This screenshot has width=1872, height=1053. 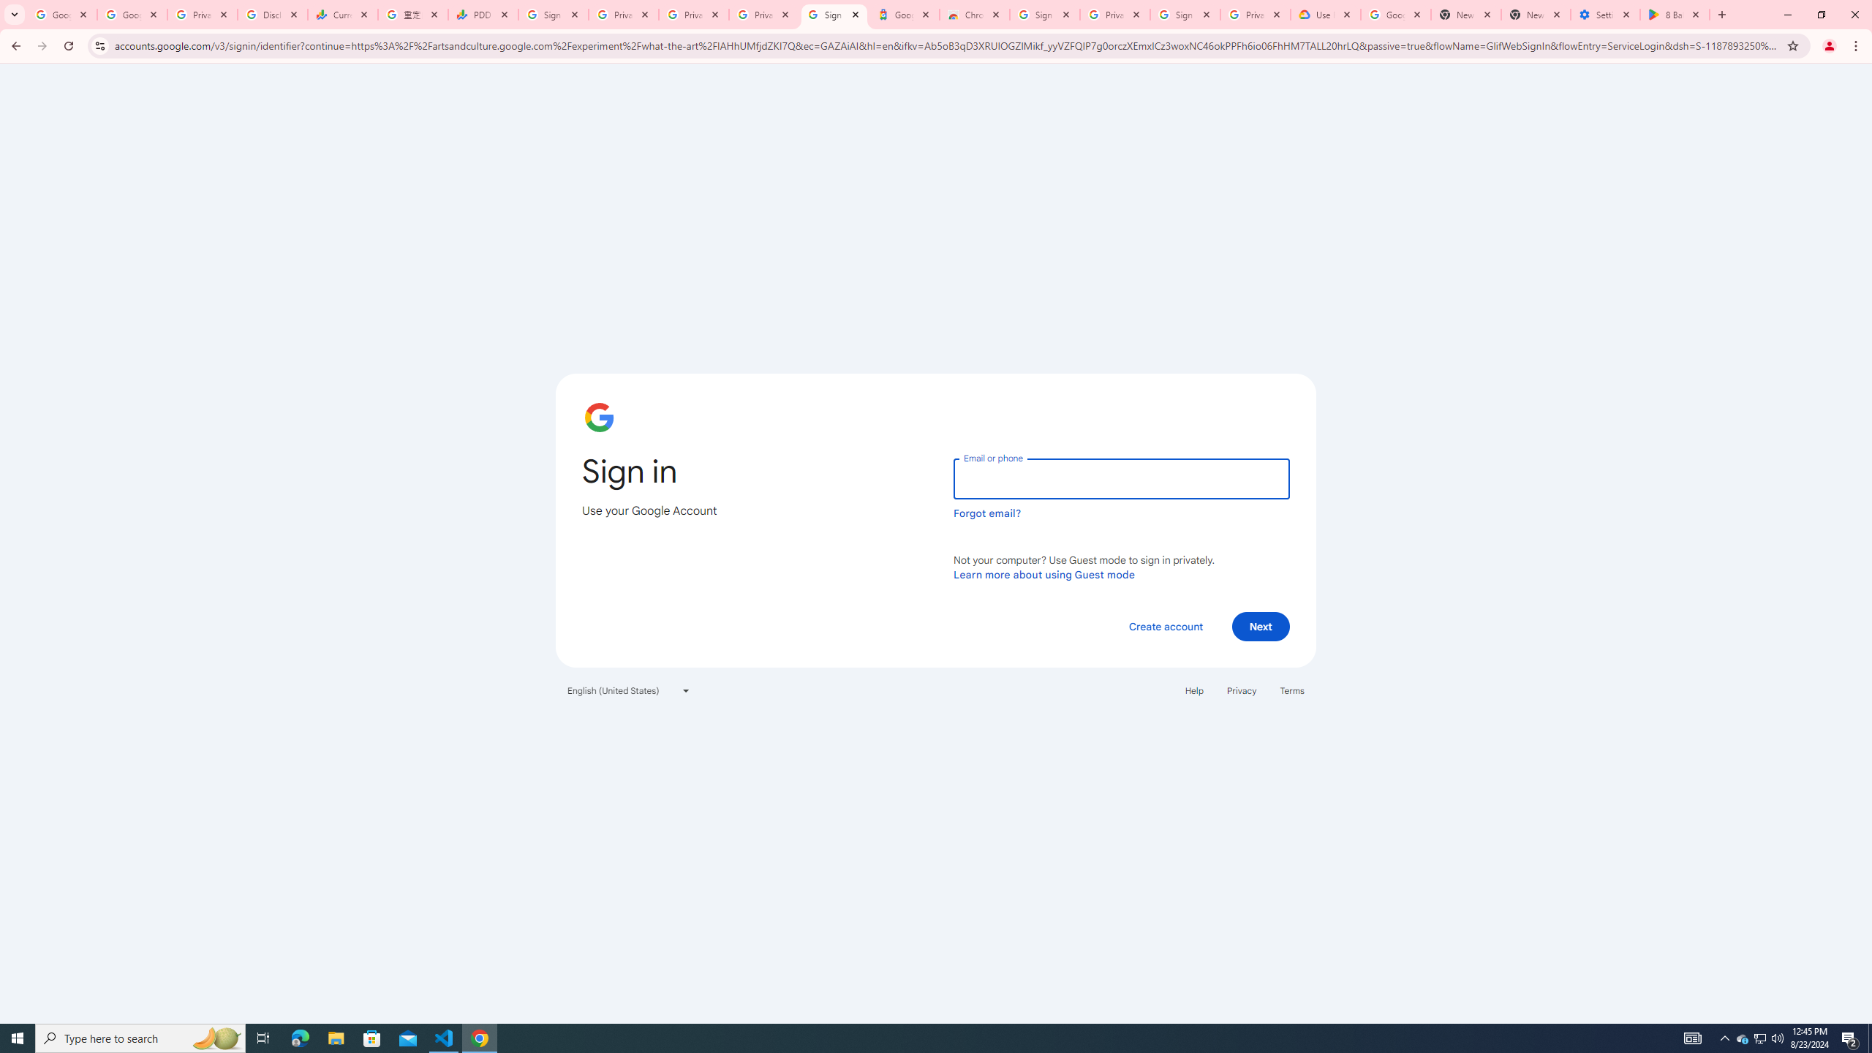 I want to click on 'Email or phone', so click(x=1120, y=478).